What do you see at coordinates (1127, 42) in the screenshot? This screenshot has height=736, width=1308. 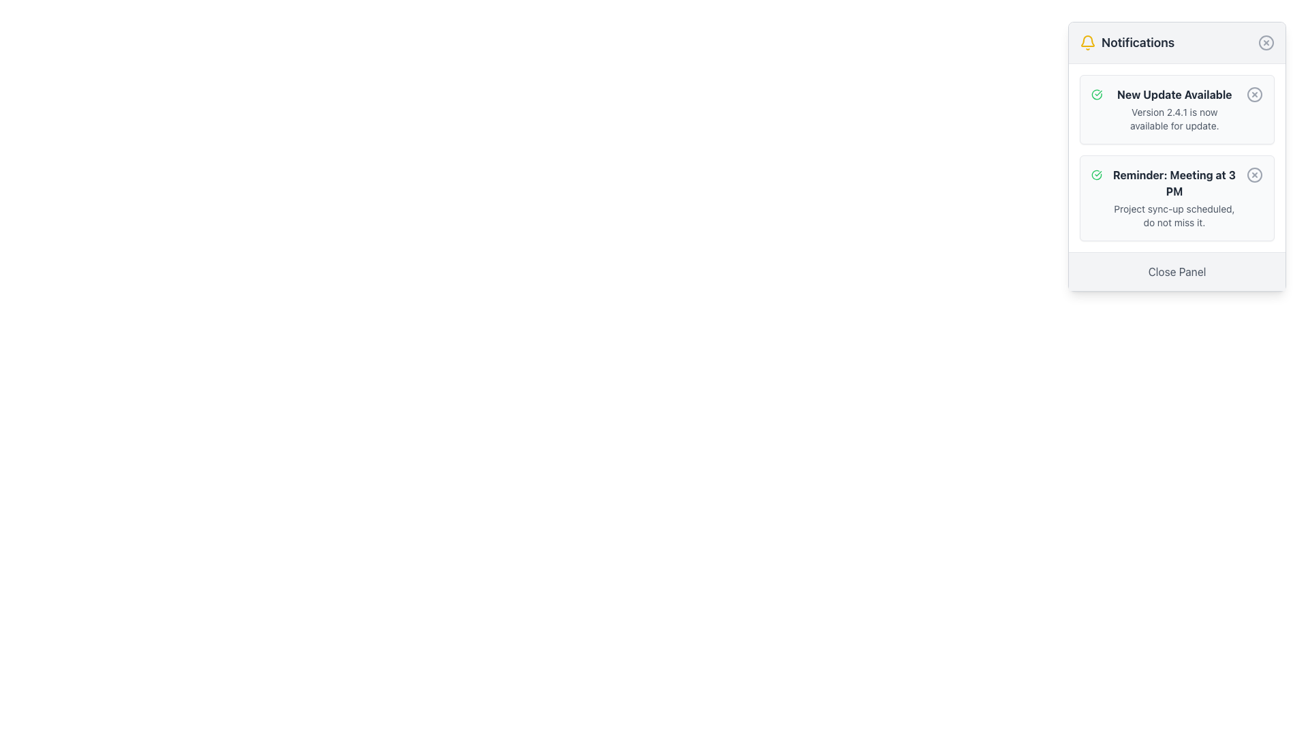 I see `the Text Label with Icon at the top left corner of the notification panel, which serves as the title indicating the panel's purpose` at bounding box center [1127, 42].